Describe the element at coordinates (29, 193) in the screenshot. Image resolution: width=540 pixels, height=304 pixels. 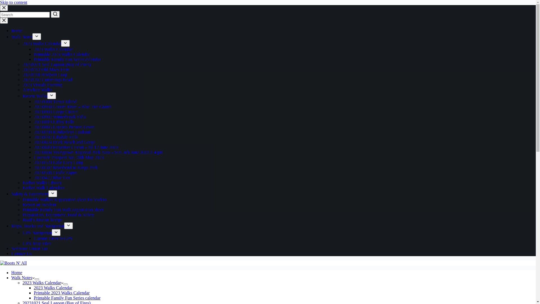
I see `'Safety & Equipment'` at that location.